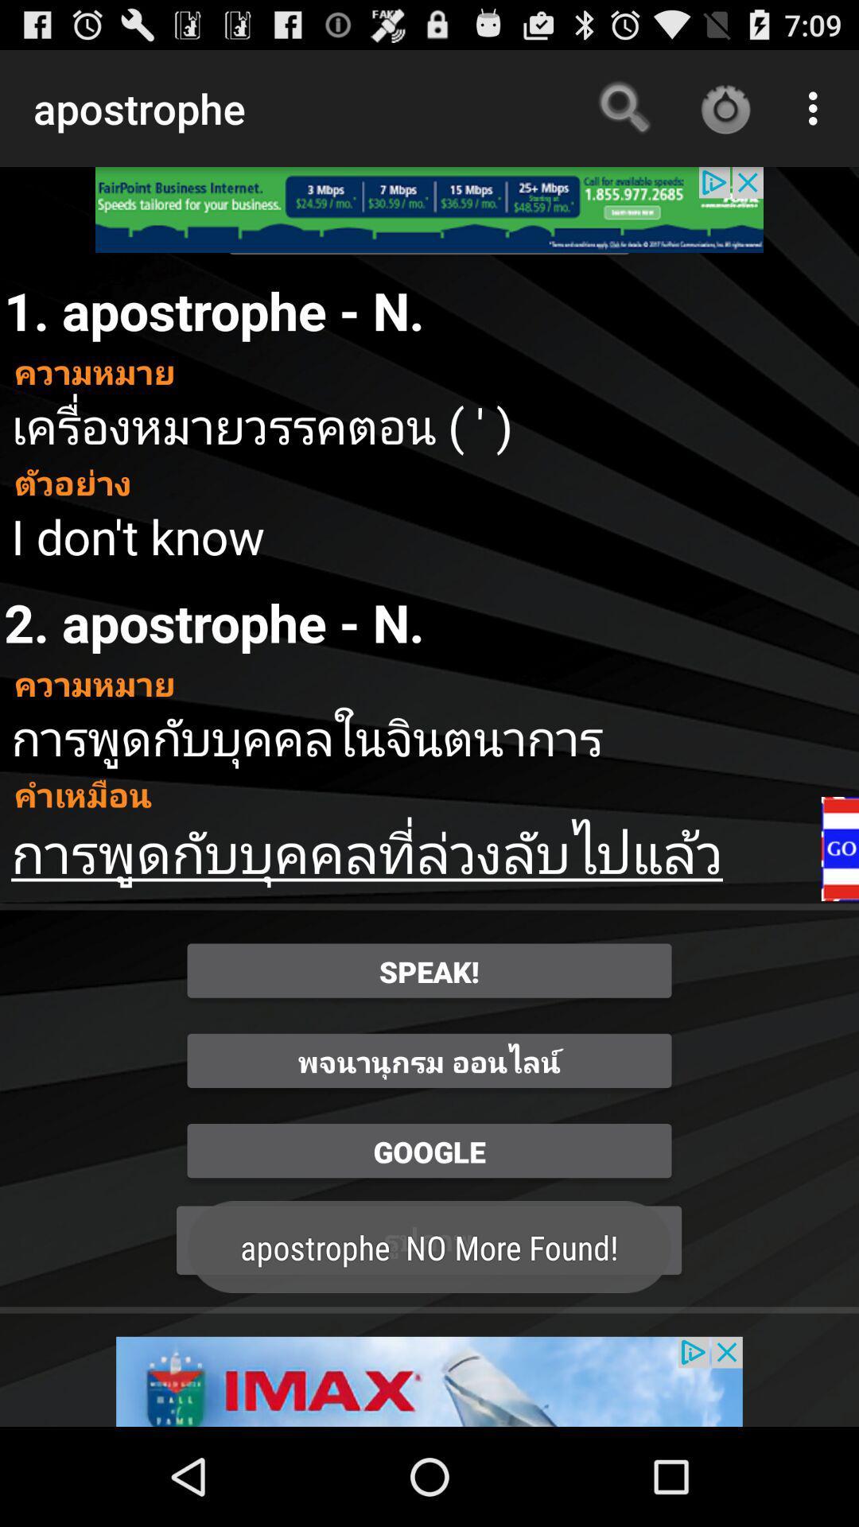 This screenshot has width=859, height=1527. I want to click on apostrophe no more found below google, so click(429, 1240).